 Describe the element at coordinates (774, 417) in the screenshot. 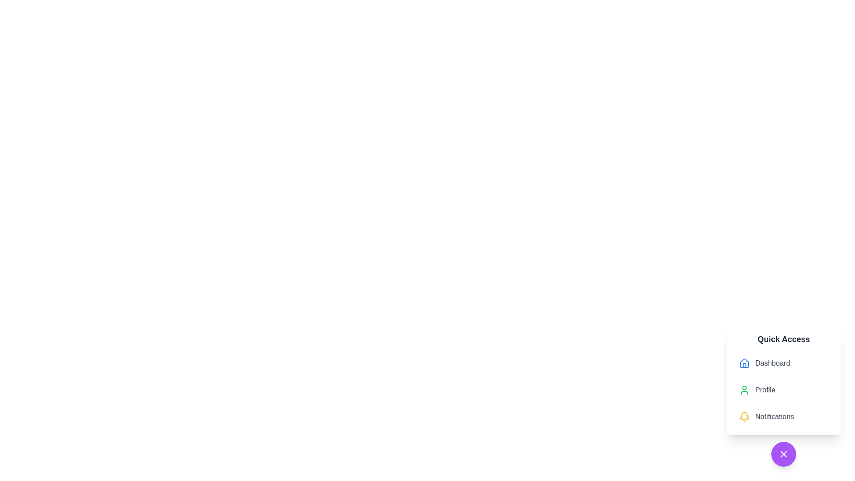

I see `the static text label that describes the menu entry for managing notifications, located in the third item of the 'Quick Access' list, right-aligned to a yellow bell icon` at that location.